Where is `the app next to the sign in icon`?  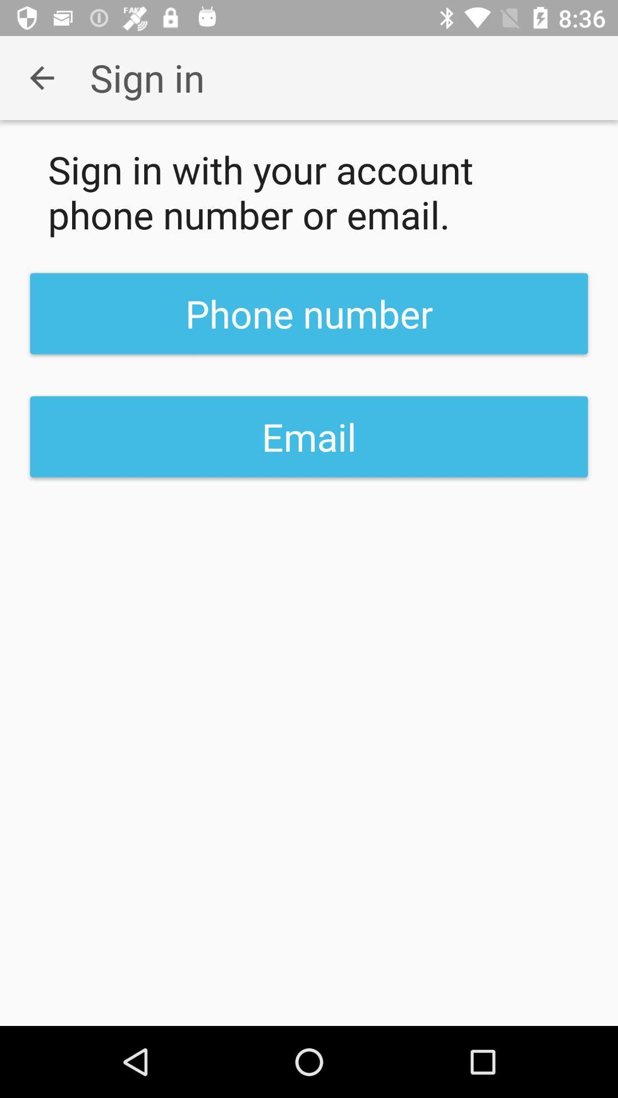
the app next to the sign in icon is located at coordinates (41, 77).